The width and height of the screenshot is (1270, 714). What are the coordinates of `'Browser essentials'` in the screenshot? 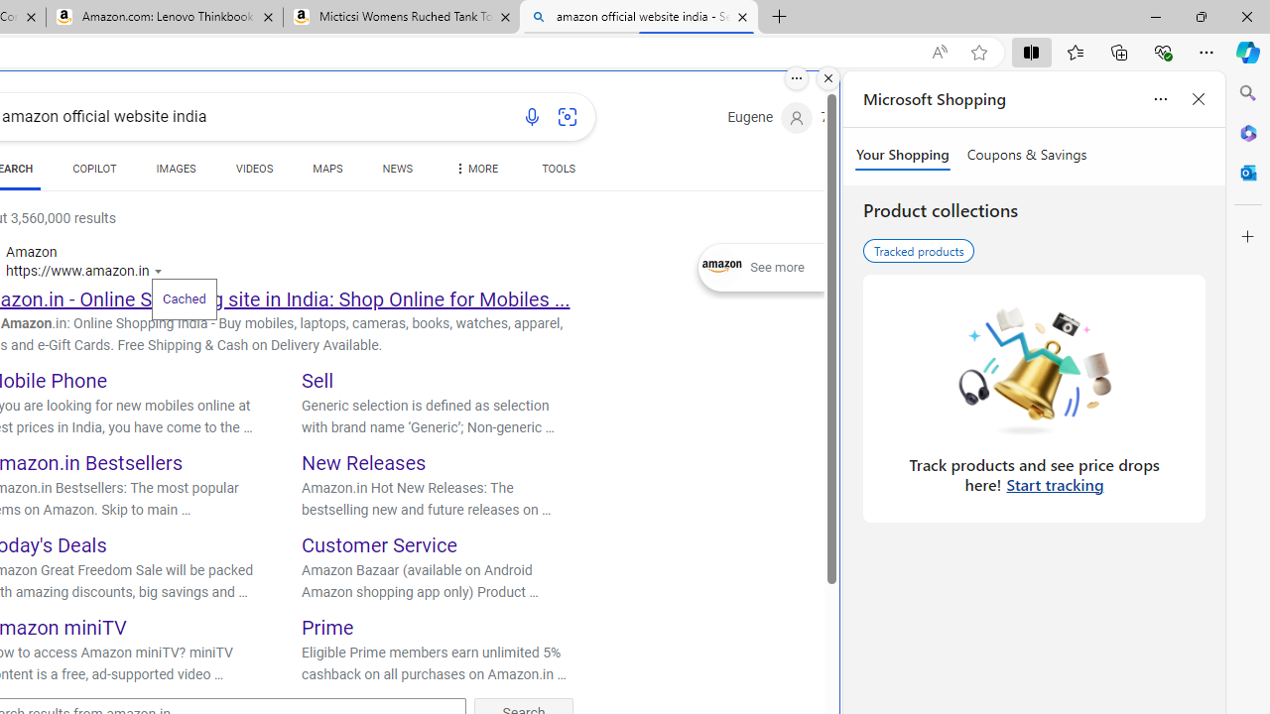 It's located at (1162, 51).